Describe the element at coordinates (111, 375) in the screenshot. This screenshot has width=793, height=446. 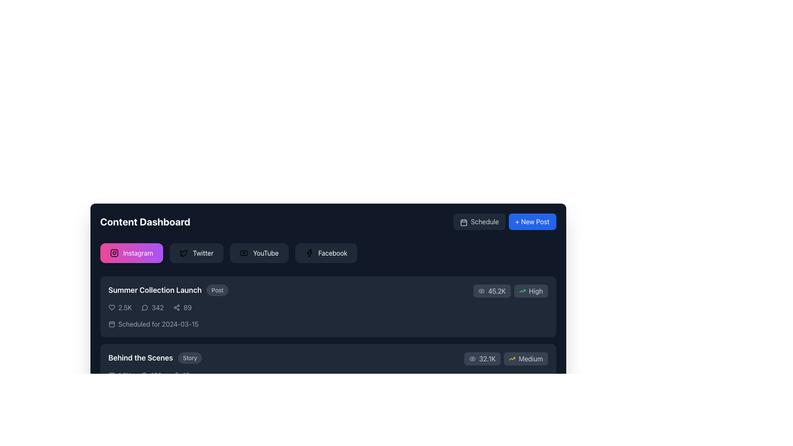
I see `the heart-shaped SVG icon located to the left of the text '1.8K' to interact with it (like or favorite)` at that location.